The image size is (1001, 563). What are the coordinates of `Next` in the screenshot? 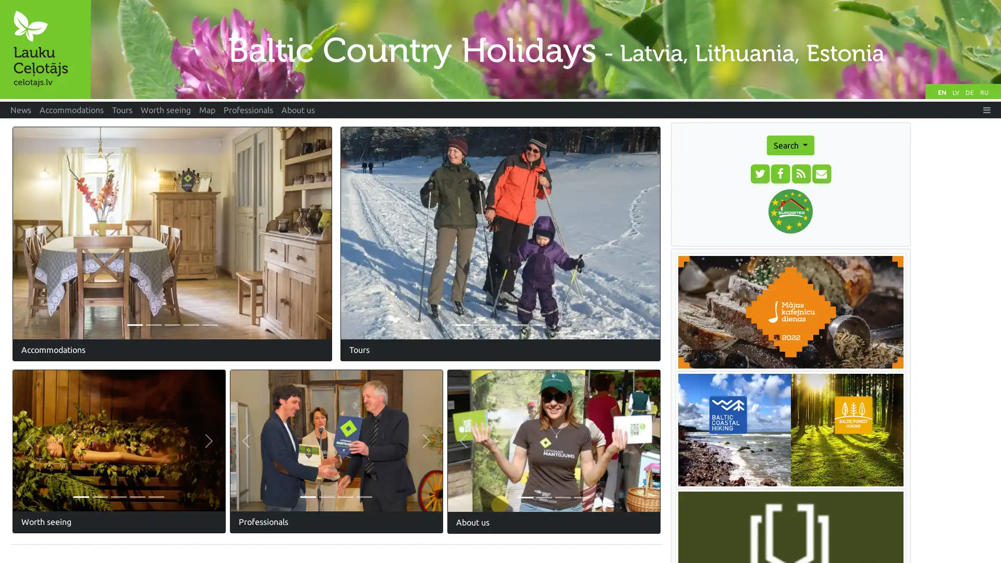 It's located at (635, 232).